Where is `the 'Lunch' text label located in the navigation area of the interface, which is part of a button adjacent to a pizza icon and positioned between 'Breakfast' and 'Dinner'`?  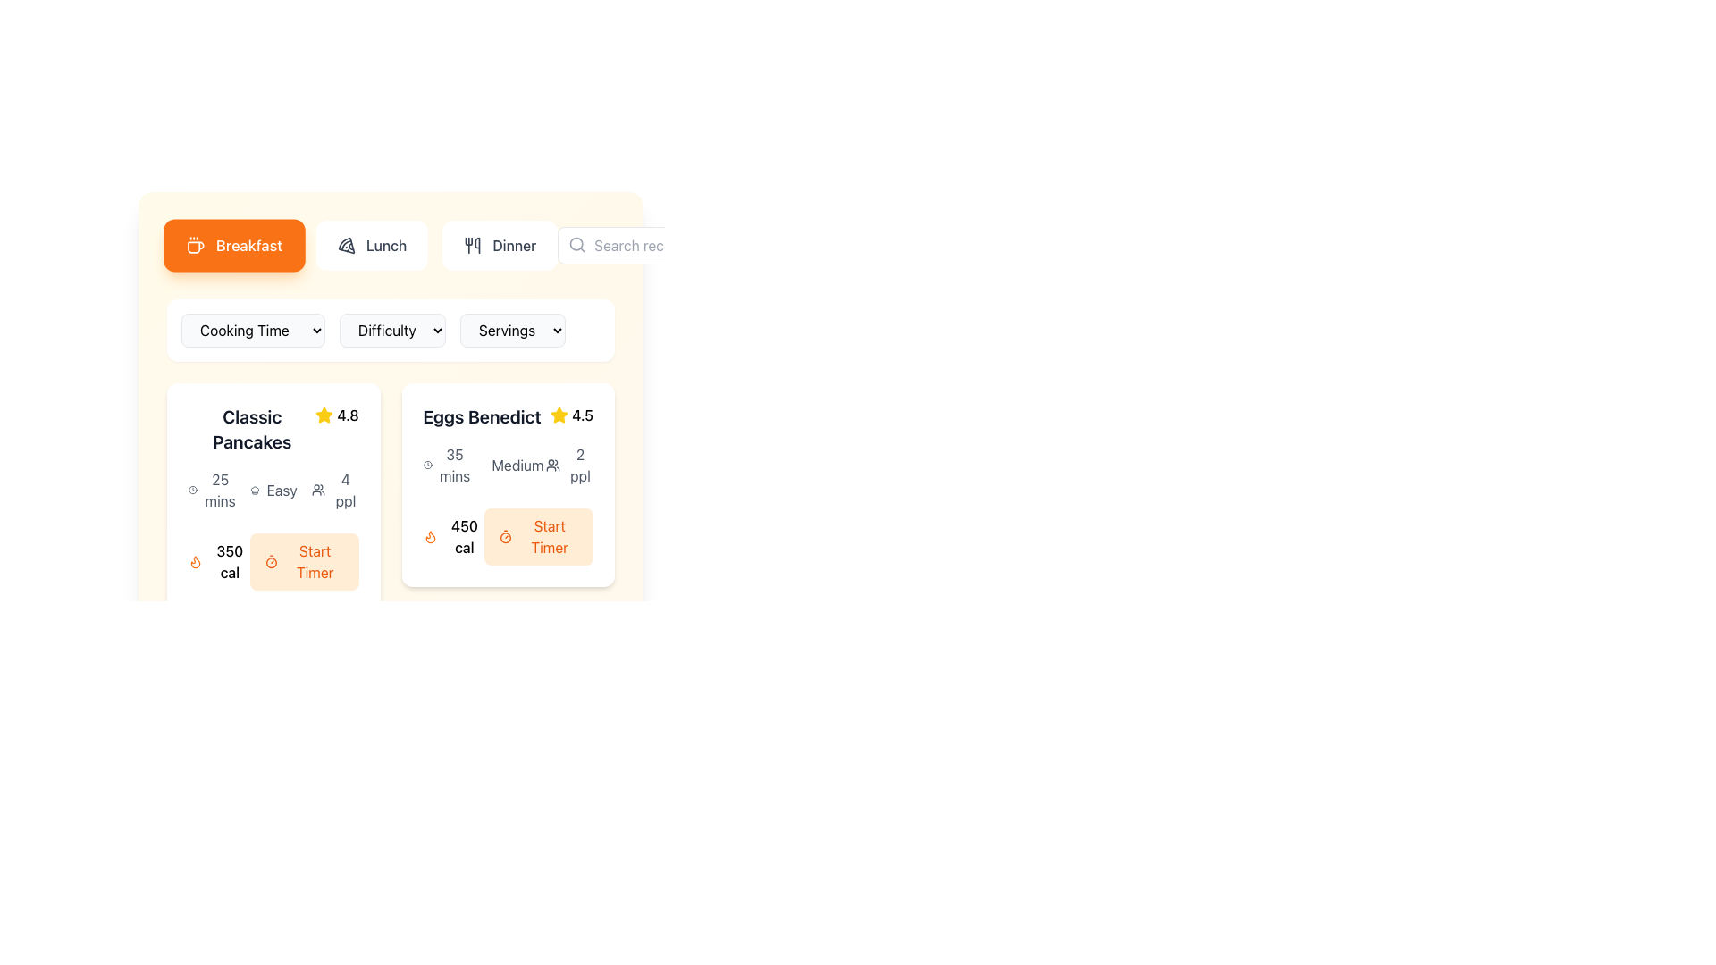 the 'Lunch' text label located in the navigation area of the interface, which is part of a button adjacent to a pizza icon and positioned between 'Breakfast' and 'Dinner' is located at coordinates (385, 245).